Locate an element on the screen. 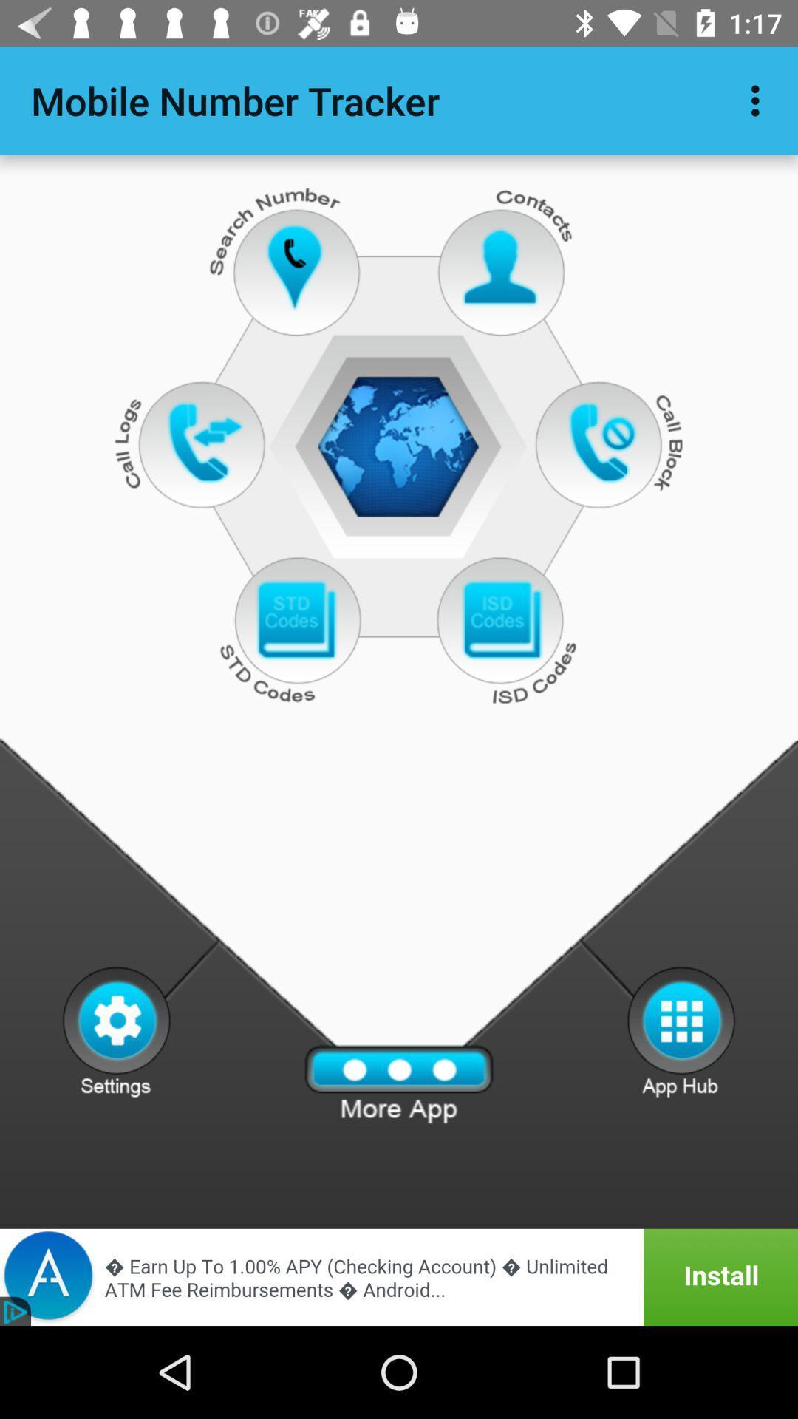 The image size is (798, 1419). more apps is located at coordinates (399, 1084).